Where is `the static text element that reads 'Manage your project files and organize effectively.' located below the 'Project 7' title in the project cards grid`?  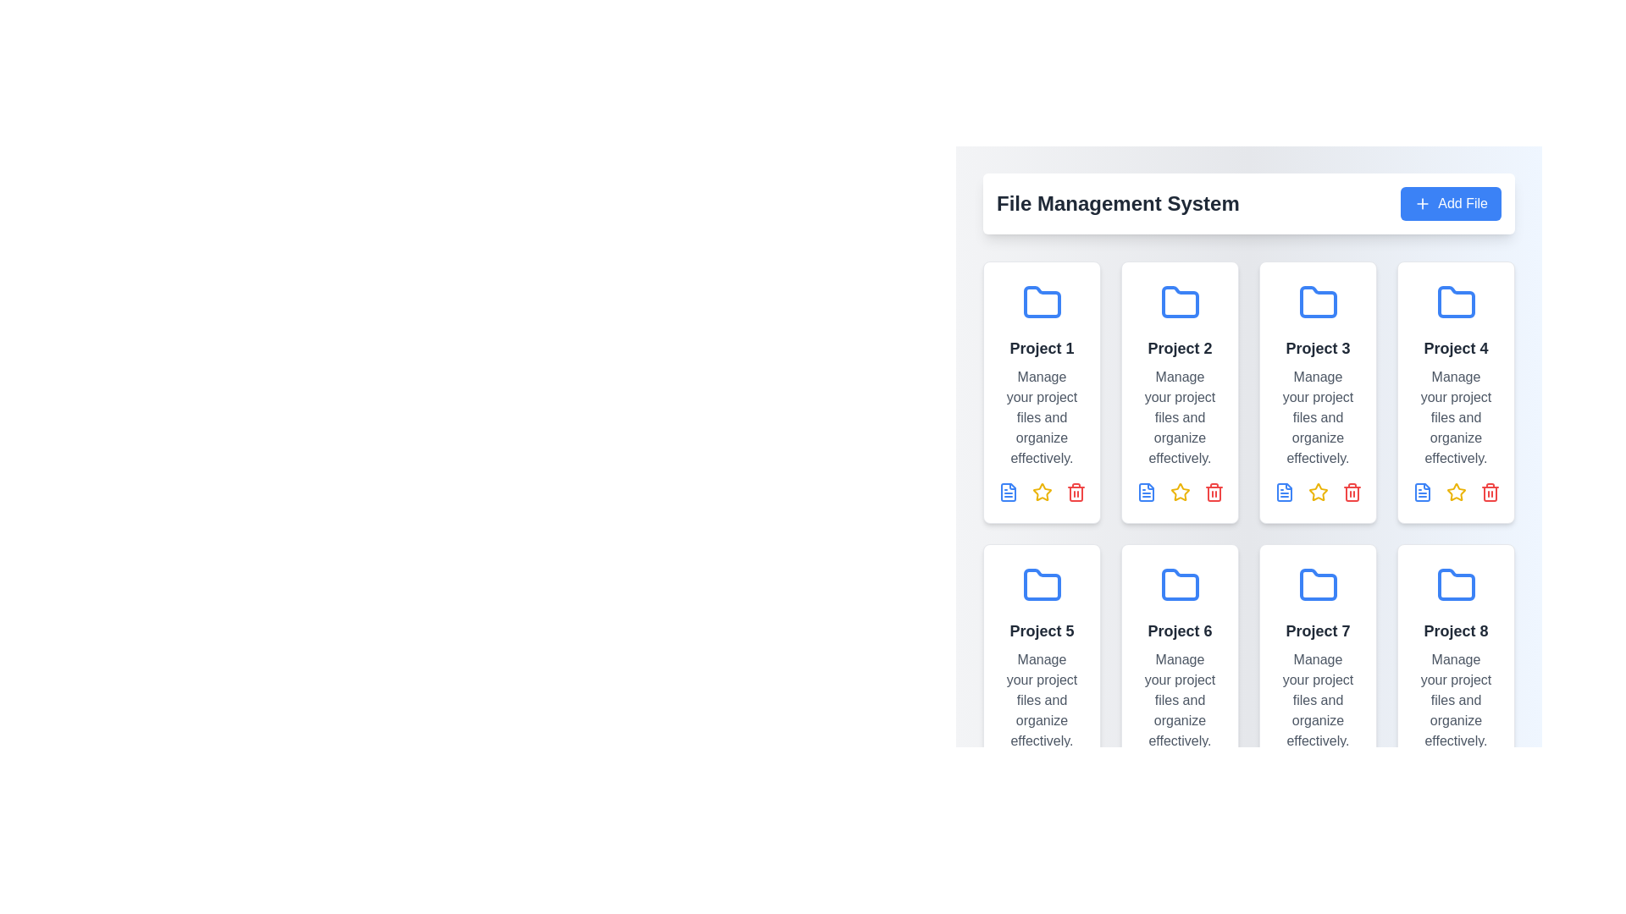
the static text element that reads 'Manage your project files and organize effectively.' located below the 'Project 7' title in the project cards grid is located at coordinates (1317, 701).